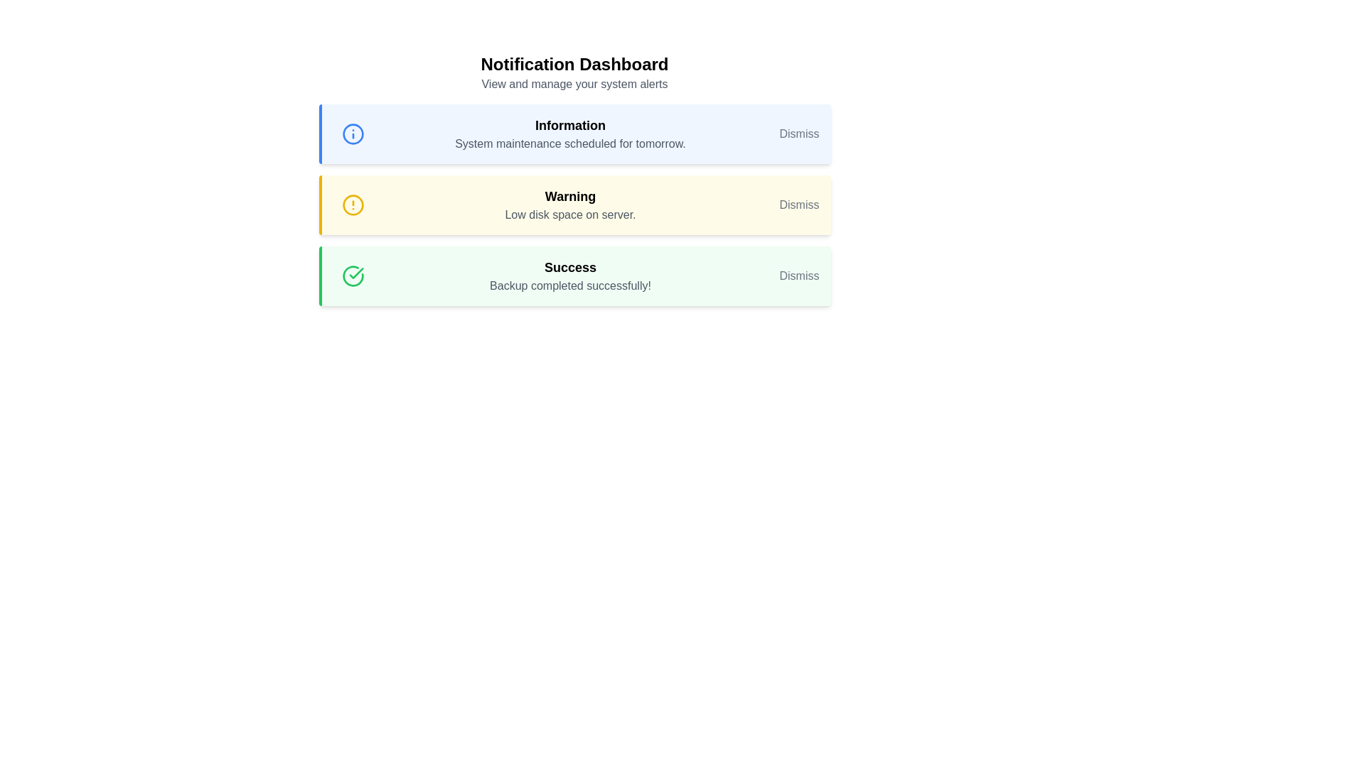  What do you see at coordinates (353, 134) in the screenshot?
I see `the circular graphical element with a blue outline that is part of the 'Information' icon located in the topmost notification entry` at bounding box center [353, 134].